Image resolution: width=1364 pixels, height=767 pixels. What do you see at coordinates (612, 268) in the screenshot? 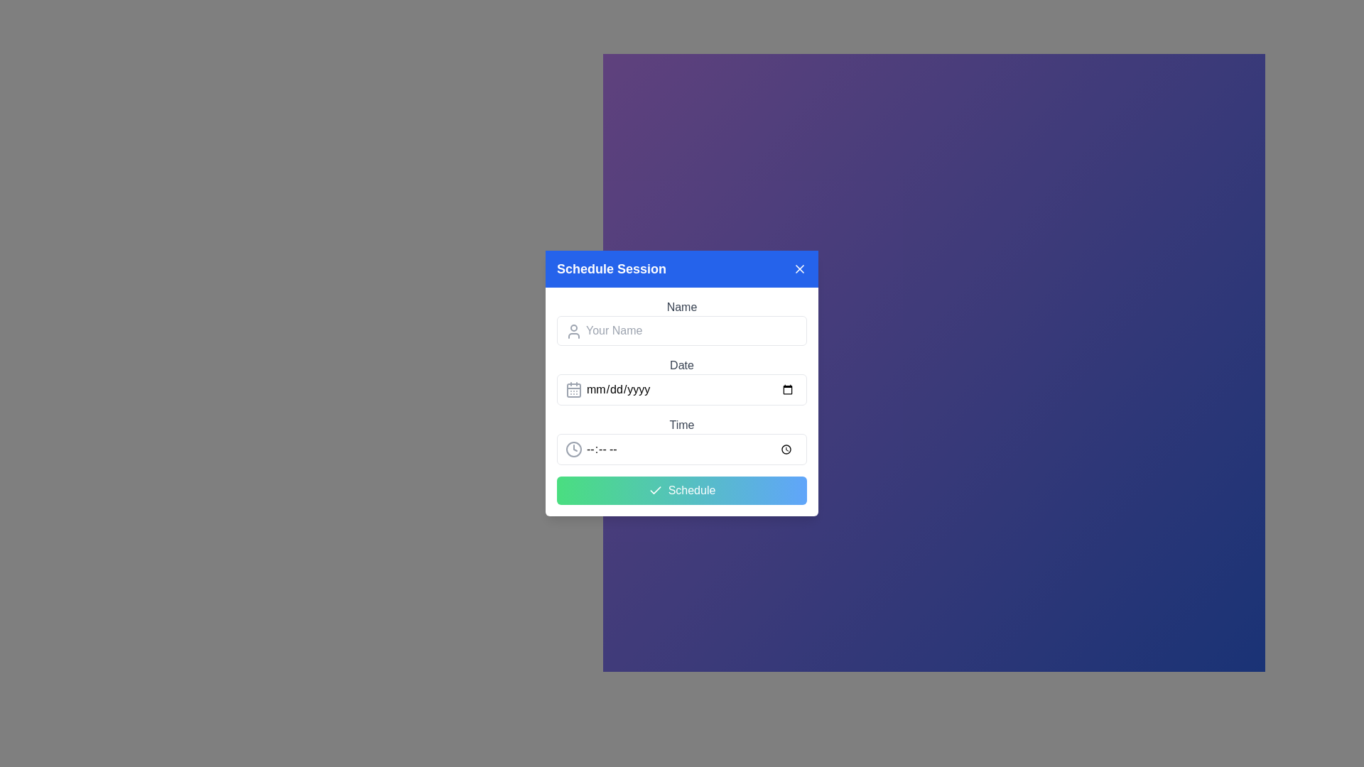
I see `the text label 'Schedule Session', which is styled in bold white font against a blue background, located at the top-left corner of a modal dialog` at bounding box center [612, 268].